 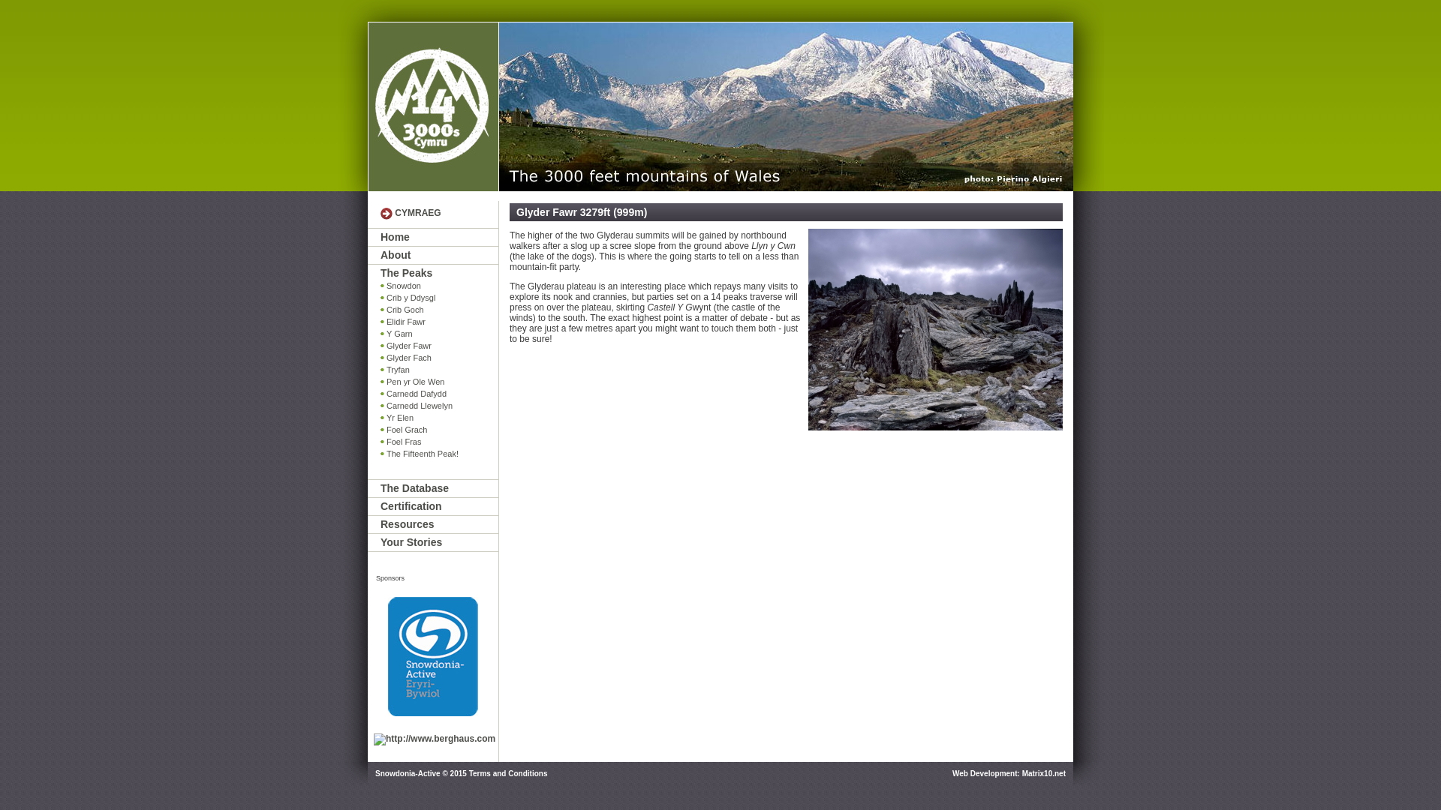 What do you see at coordinates (468, 773) in the screenshot?
I see `'Terms and Conditions'` at bounding box center [468, 773].